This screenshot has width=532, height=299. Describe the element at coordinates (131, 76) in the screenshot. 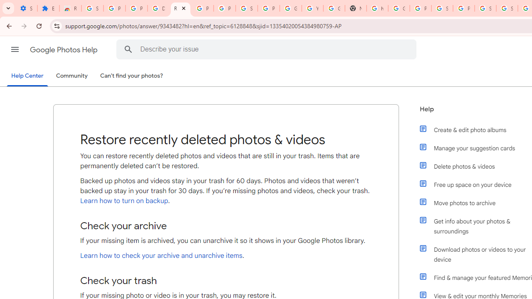

I see `'Can'` at that location.